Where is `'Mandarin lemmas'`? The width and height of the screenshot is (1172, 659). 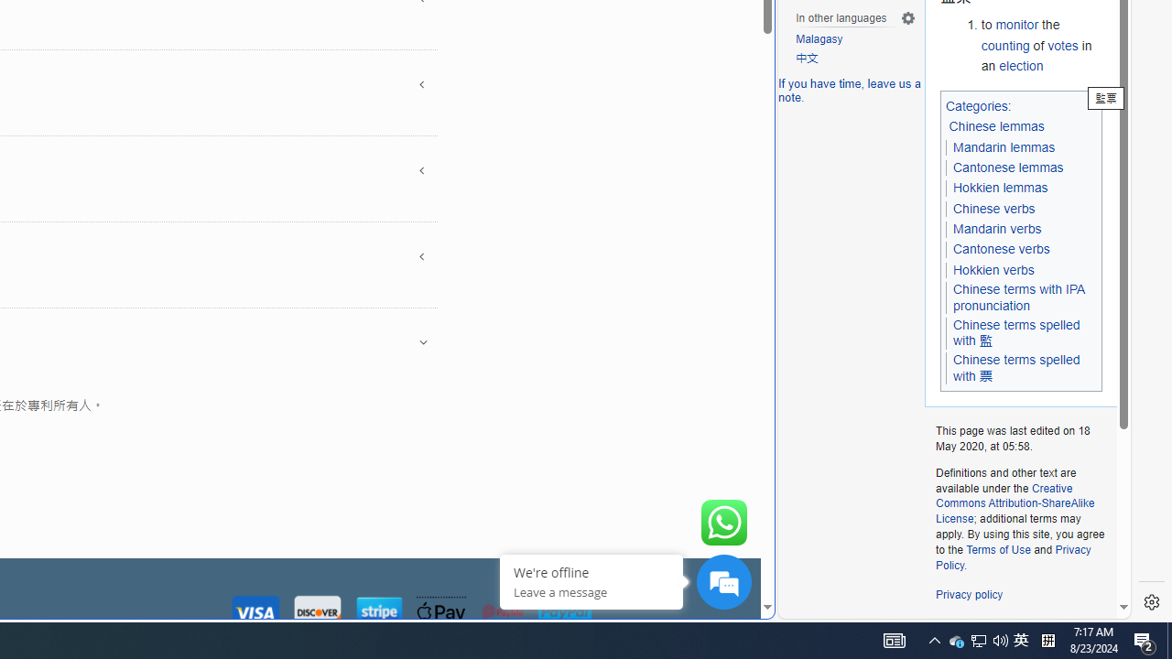 'Mandarin lemmas' is located at coordinates (1003, 146).